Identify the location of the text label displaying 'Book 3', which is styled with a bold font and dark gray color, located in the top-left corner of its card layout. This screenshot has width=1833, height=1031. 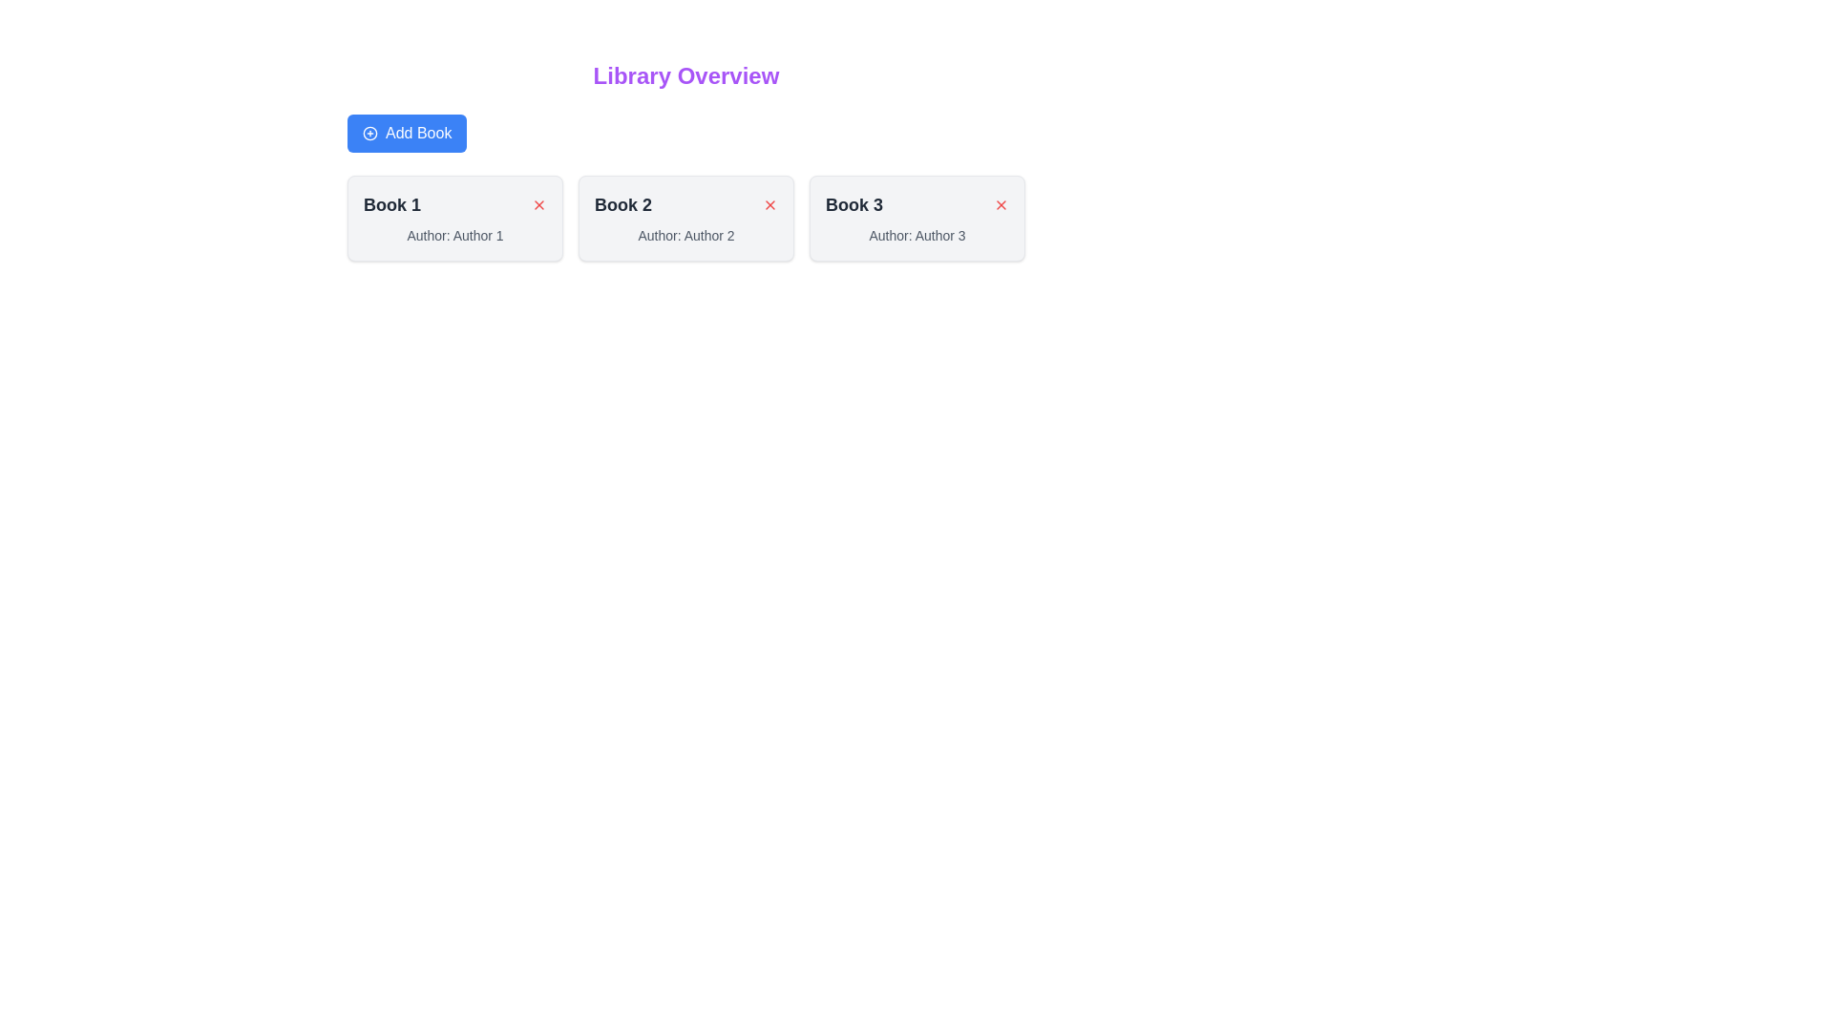
(853, 205).